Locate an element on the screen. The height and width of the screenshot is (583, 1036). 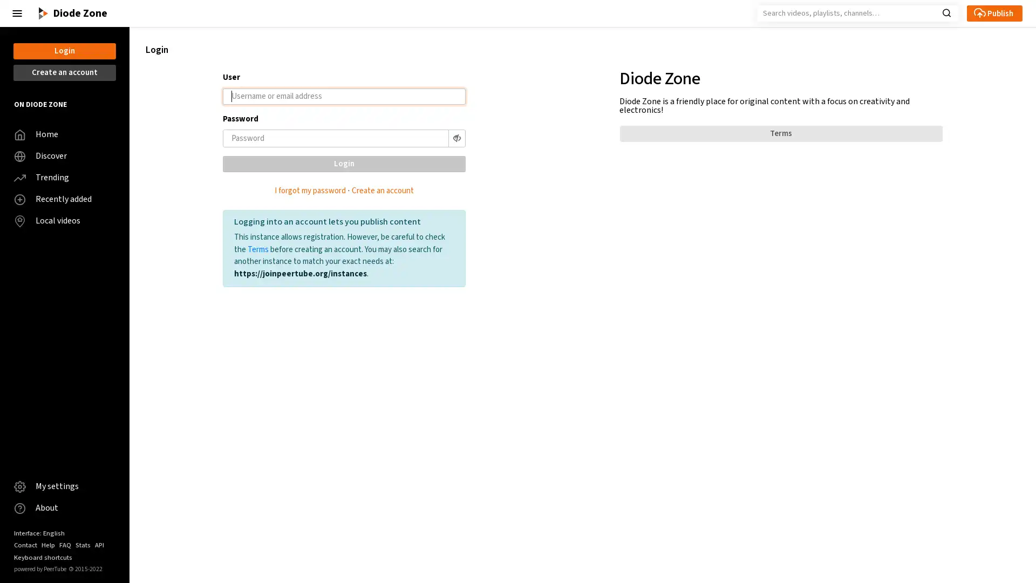
Terms is located at coordinates (780, 133).